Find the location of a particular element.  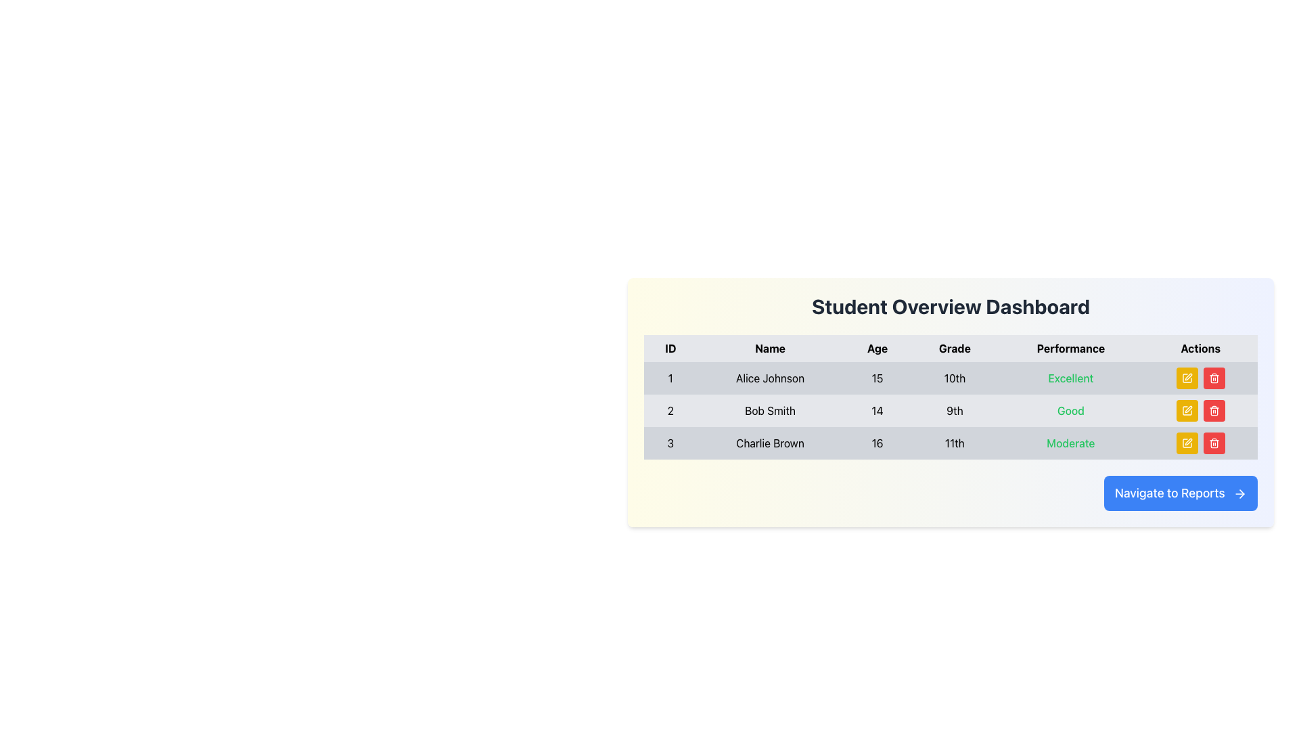

the text label reading 'Performance', which is styled in bold black text on a light gray background, positioned in the header row of the table is located at coordinates (1070, 348).